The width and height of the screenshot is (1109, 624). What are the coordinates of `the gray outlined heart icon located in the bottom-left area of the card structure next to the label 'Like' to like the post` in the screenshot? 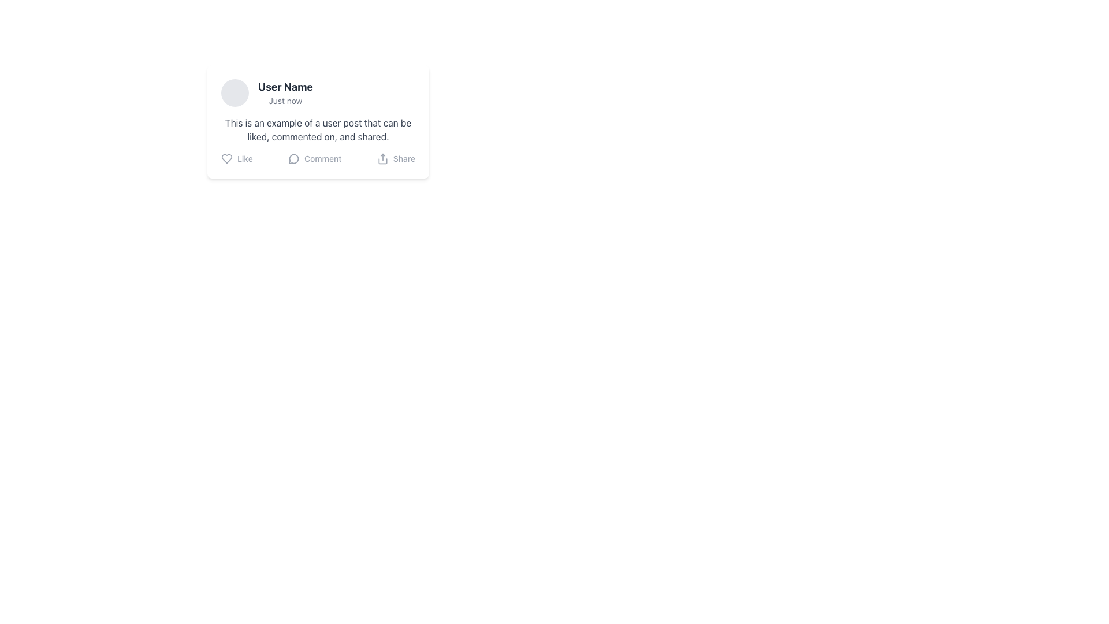 It's located at (227, 158).